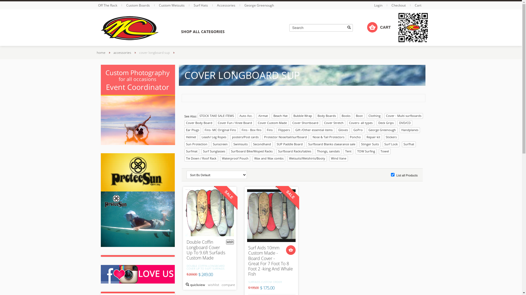 This screenshot has width=526, height=295. Describe the element at coordinates (214, 137) in the screenshot. I see `'Leash/ Leg Ropes'` at that location.